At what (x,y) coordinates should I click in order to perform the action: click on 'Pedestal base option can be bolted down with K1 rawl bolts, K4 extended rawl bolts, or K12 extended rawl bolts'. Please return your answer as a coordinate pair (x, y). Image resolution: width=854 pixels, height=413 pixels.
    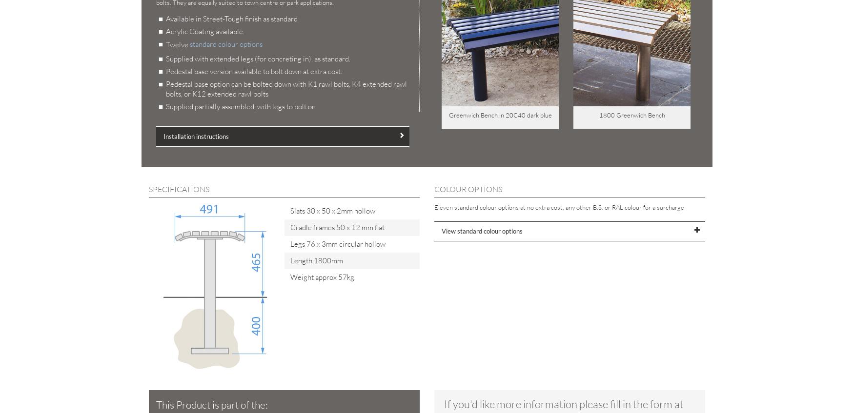
    Looking at the image, I should click on (286, 89).